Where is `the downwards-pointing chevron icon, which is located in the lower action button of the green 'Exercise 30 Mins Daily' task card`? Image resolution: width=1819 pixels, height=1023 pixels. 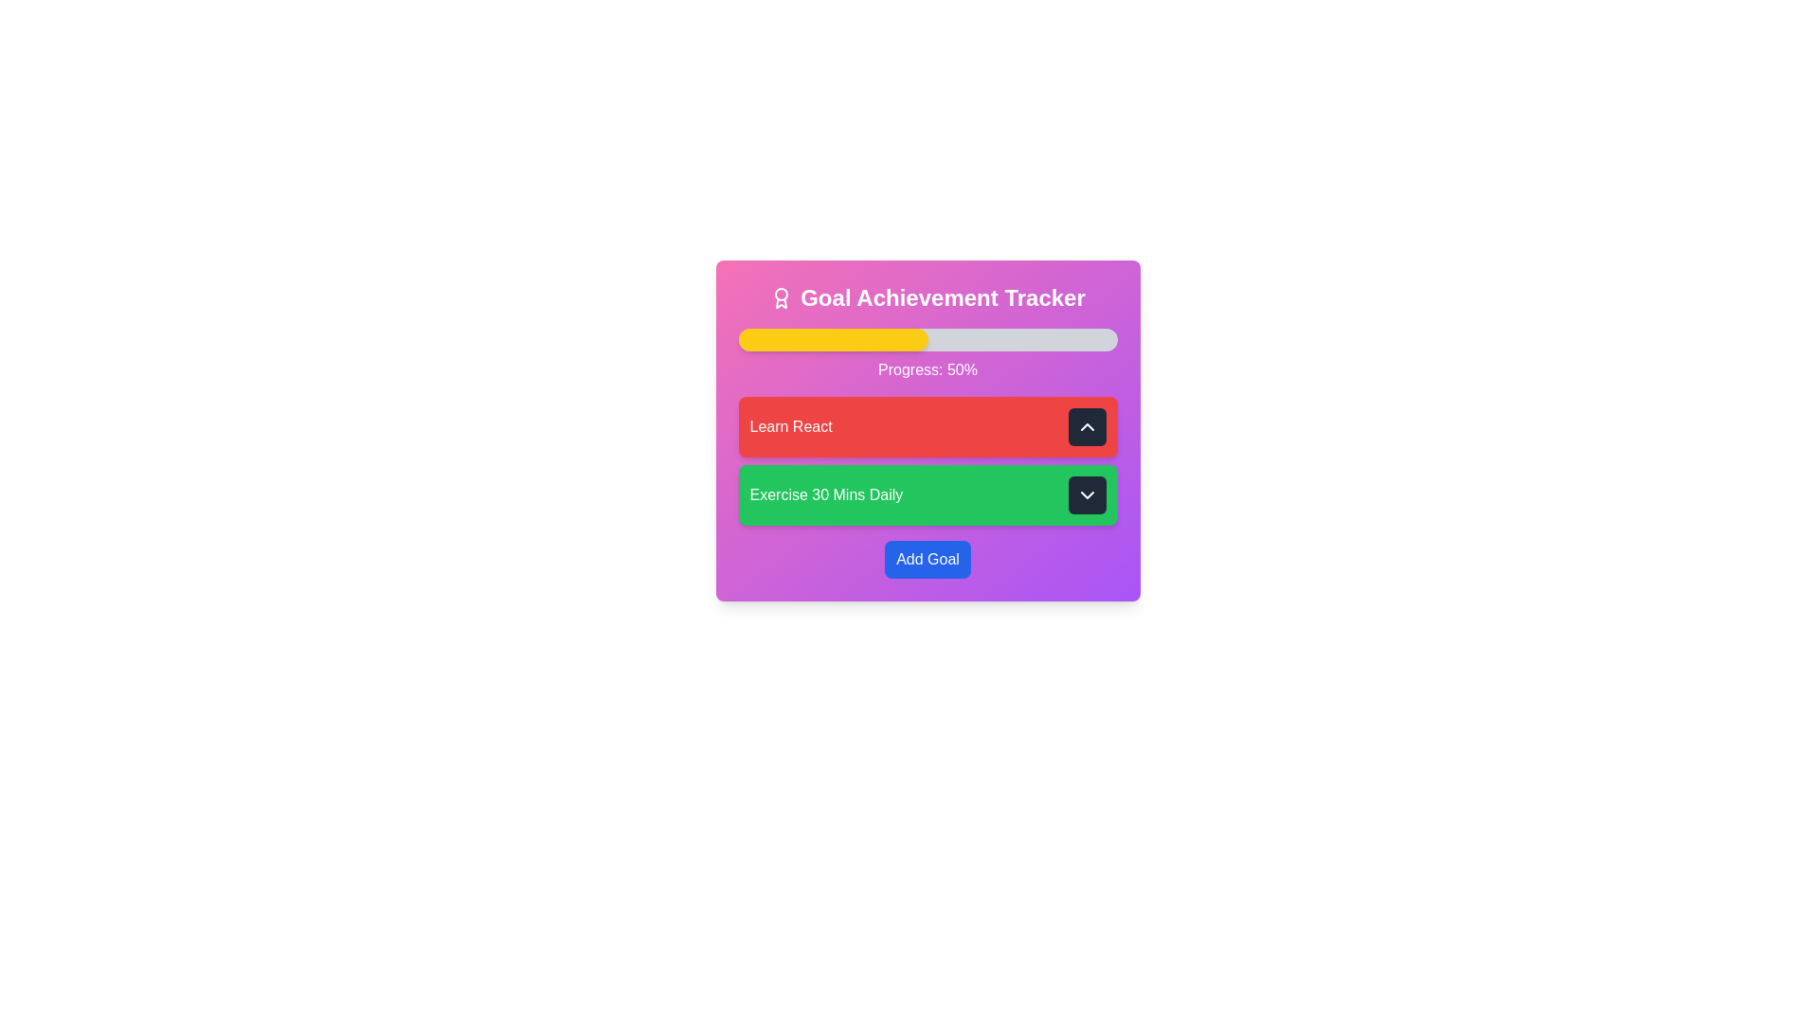
the downwards-pointing chevron icon, which is located in the lower action button of the green 'Exercise 30 Mins Daily' task card is located at coordinates (1087, 494).